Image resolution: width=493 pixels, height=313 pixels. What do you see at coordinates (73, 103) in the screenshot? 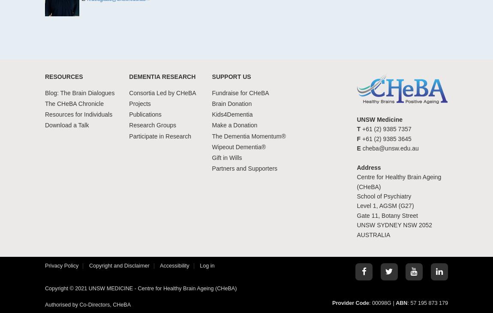
I see `'The CHeBA Chronicle'` at bounding box center [73, 103].